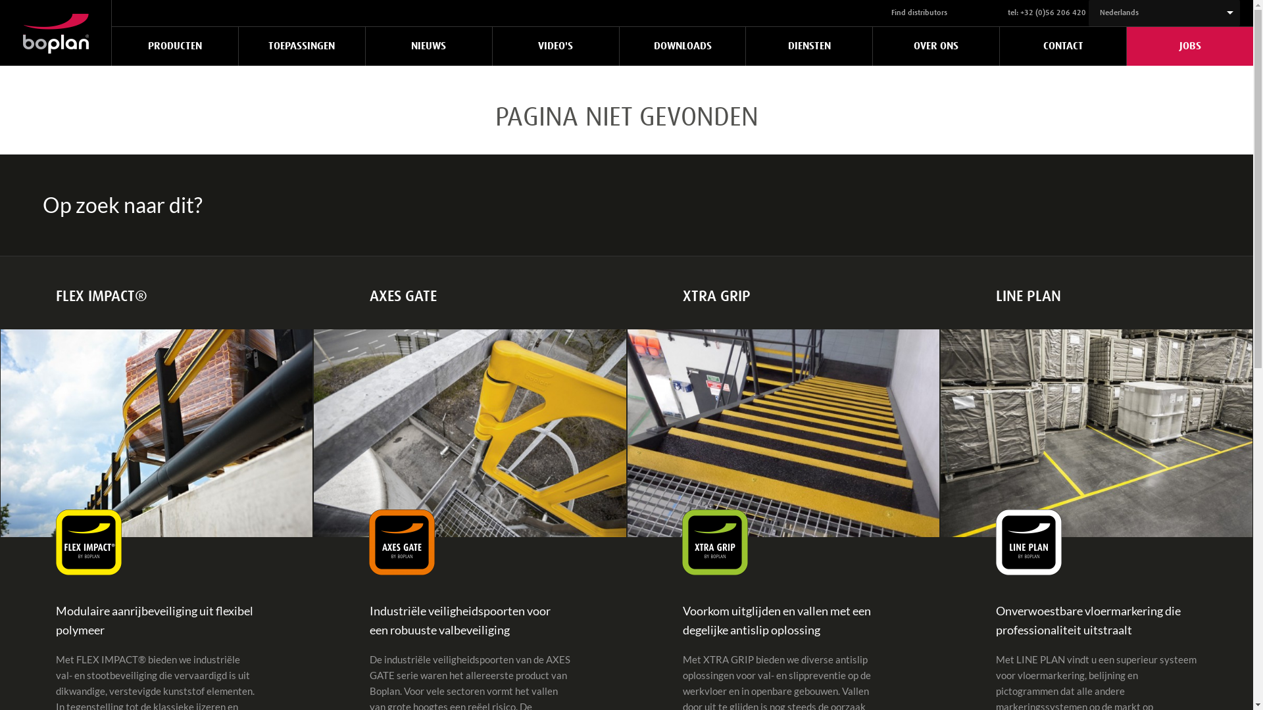 The height and width of the screenshot is (710, 1263). Describe the element at coordinates (1046, 12) in the screenshot. I see `'tel: +32 (0)56 206 420'` at that location.